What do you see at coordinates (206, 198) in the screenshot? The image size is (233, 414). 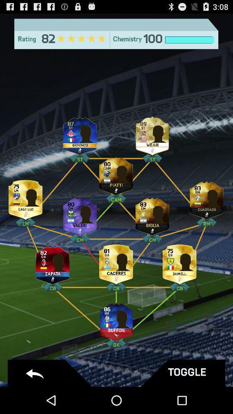 I see `right midfielder` at bounding box center [206, 198].